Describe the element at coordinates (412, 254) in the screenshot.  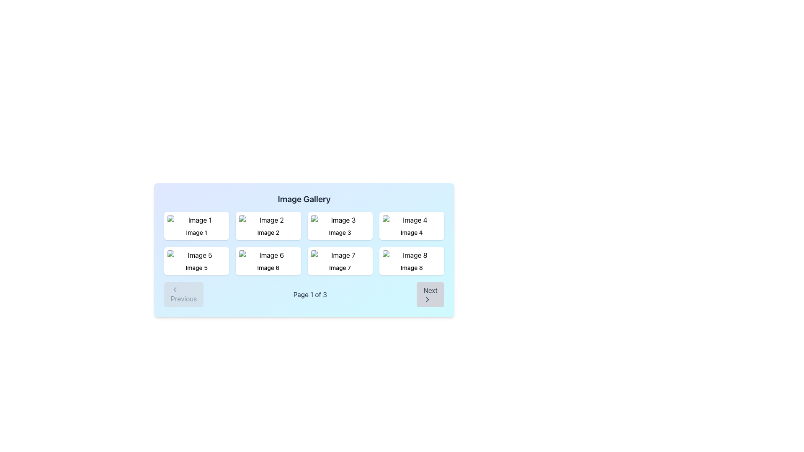
I see `the image representing 'Image 8' located in the lower right of the image gallery` at that location.